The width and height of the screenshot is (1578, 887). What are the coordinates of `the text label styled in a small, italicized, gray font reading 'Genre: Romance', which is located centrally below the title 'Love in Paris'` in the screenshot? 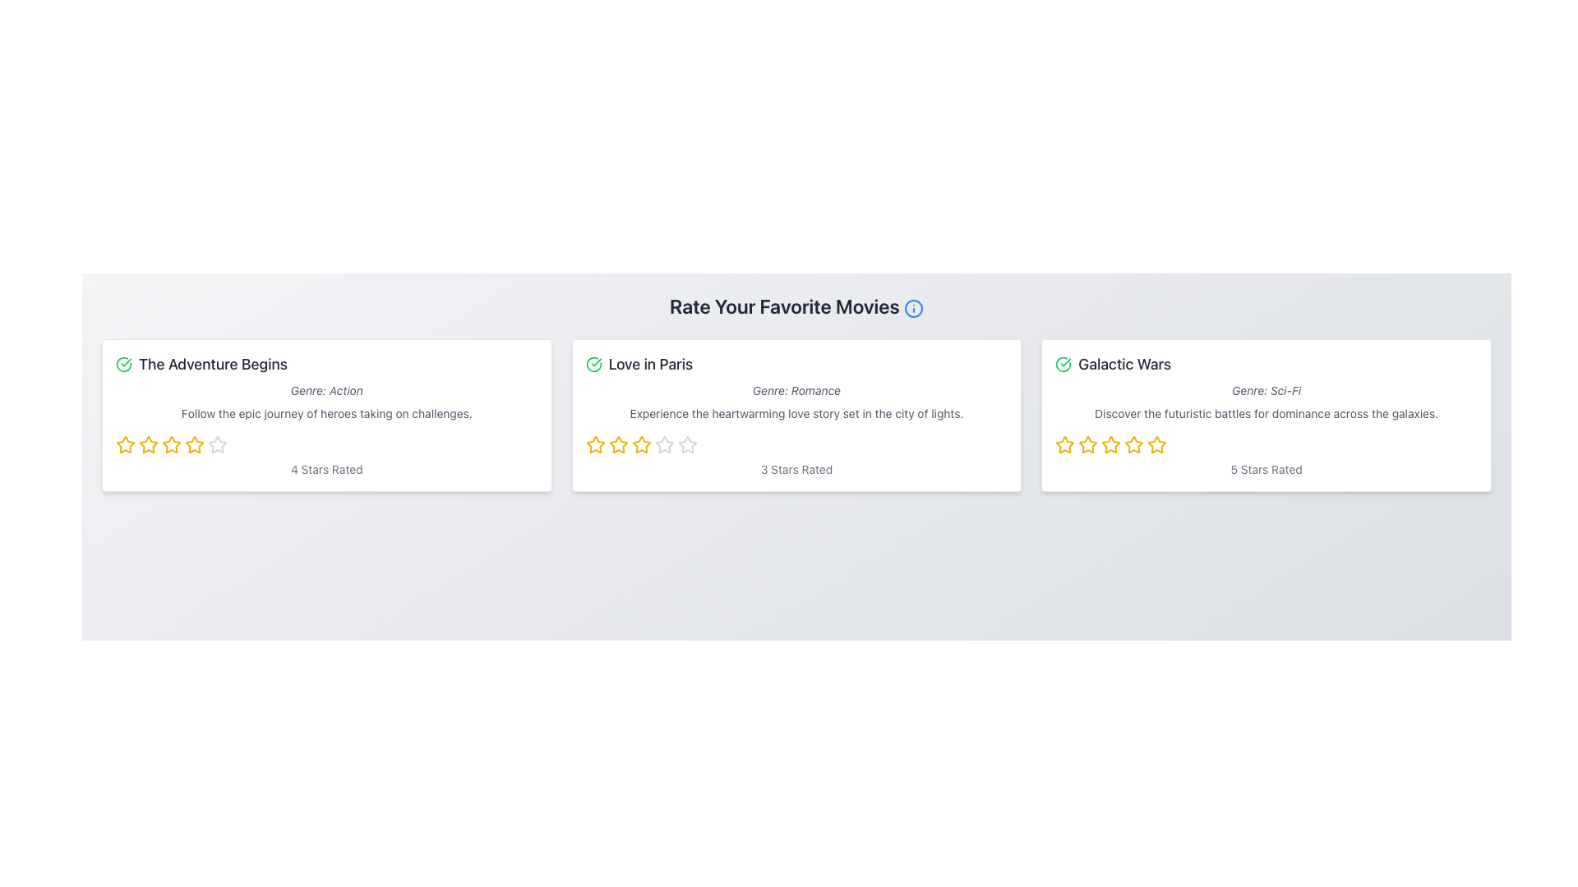 It's located at (796, 390).